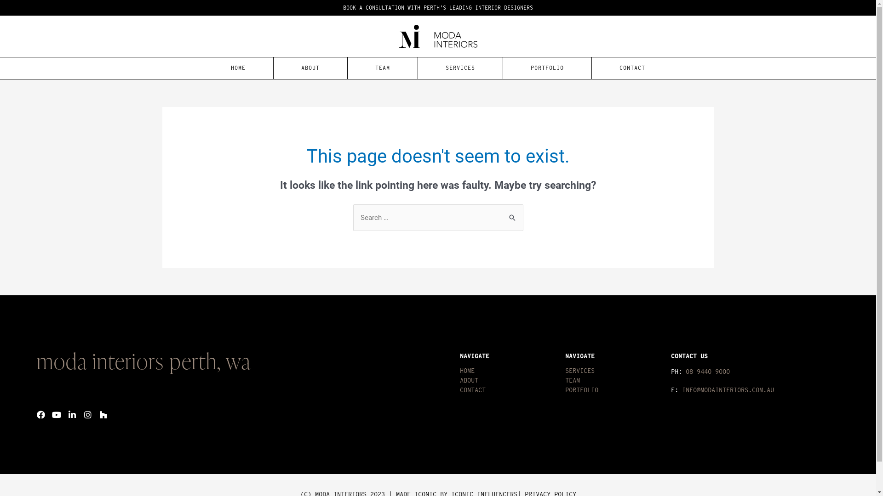 Image resolution: width=883 pixels, height=496 pixels. What do you see at coordinates (460, 67) in the screenshot?
I see `'SERVICES'` at bounding box center [460, 67].